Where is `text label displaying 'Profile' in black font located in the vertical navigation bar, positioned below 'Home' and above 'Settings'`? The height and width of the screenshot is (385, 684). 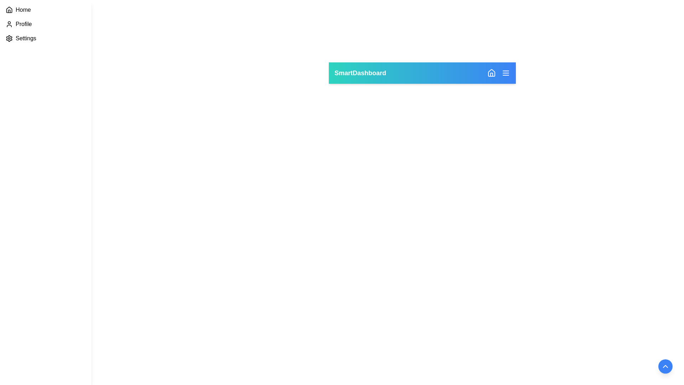
text label displaying 'Profile' in black font located in the vertical navigation bar, positioned below 'Home' and above 'Settings' is located at coordinates (24, 24).